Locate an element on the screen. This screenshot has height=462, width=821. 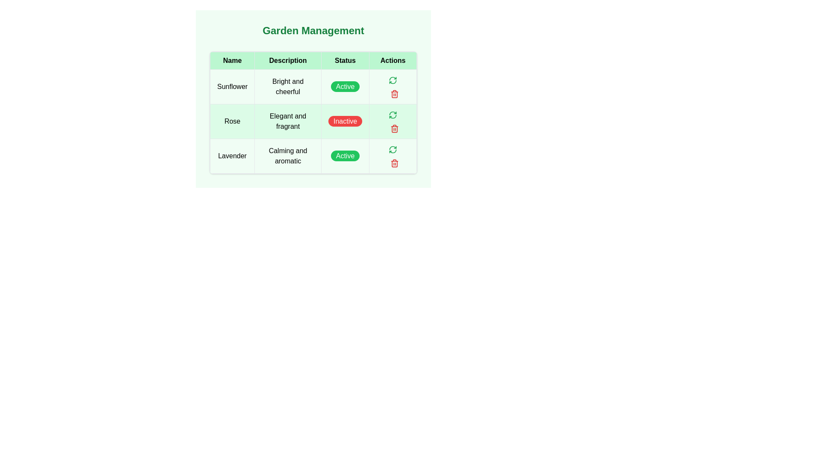
the delete icon button located in the Actions column of the second row (titled 'Rose') in the table is located at coordinates (394, 94).